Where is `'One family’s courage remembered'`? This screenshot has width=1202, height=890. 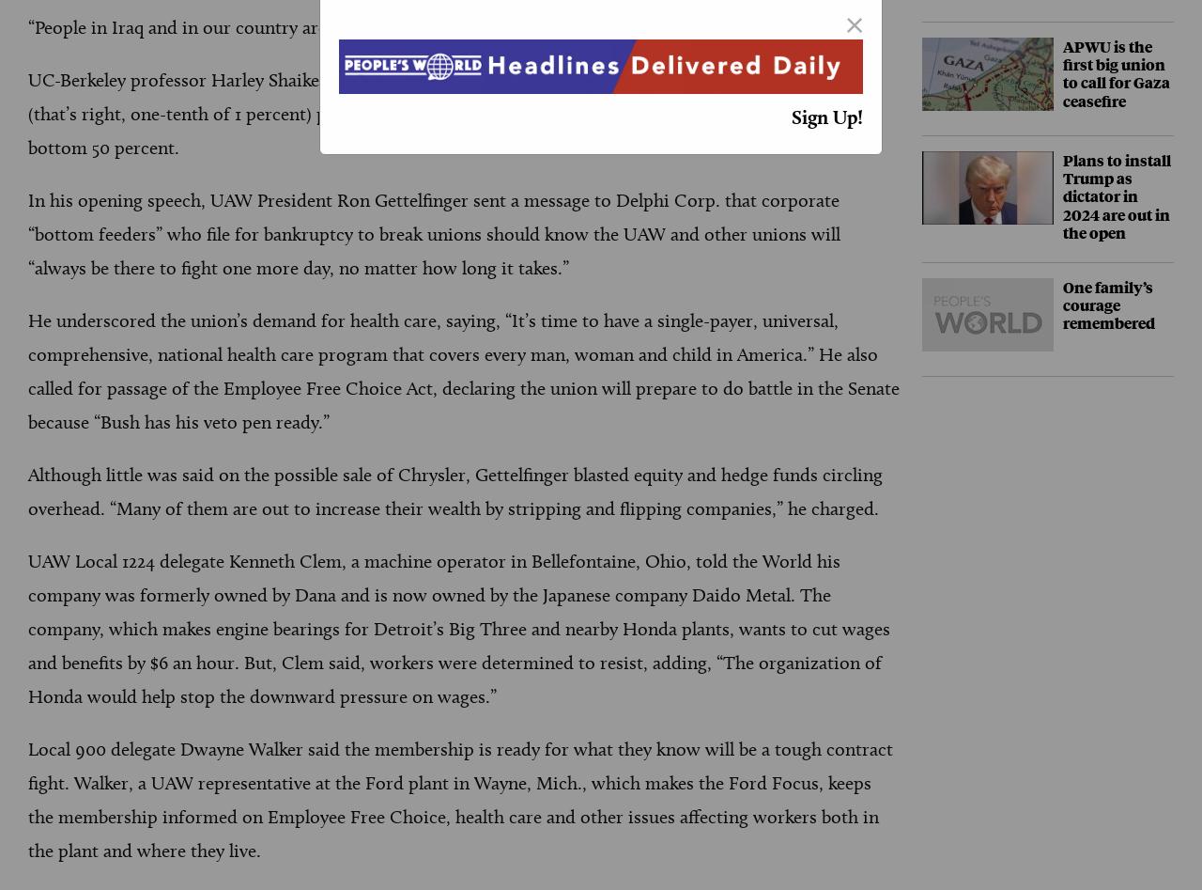
'One family’s courage remembered' is located at coordinates (1108, 304).